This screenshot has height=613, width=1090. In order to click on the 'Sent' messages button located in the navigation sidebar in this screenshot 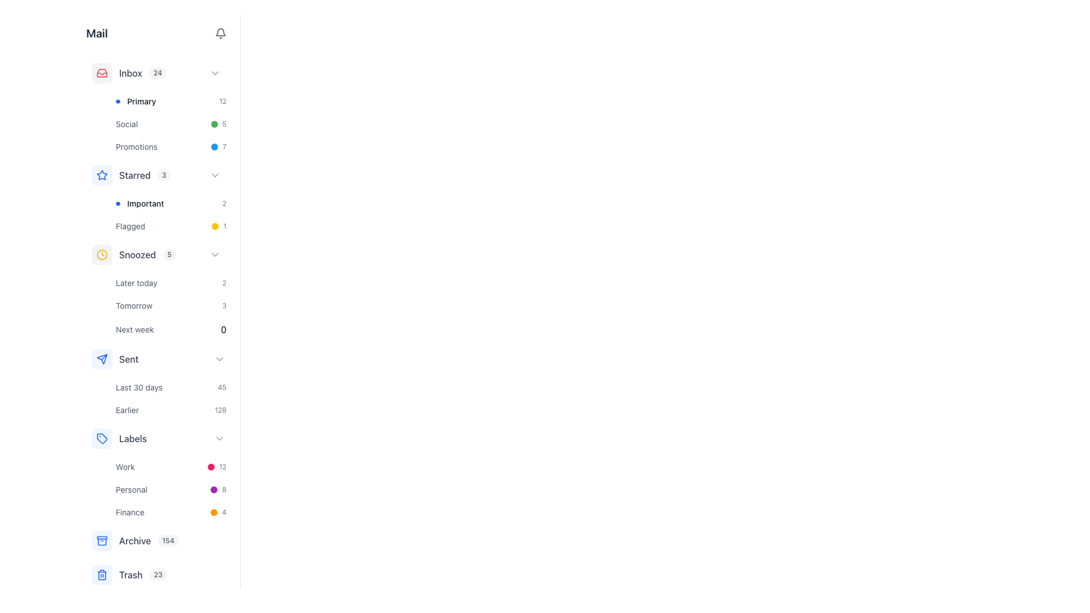, I will do `click(158, 359)`.